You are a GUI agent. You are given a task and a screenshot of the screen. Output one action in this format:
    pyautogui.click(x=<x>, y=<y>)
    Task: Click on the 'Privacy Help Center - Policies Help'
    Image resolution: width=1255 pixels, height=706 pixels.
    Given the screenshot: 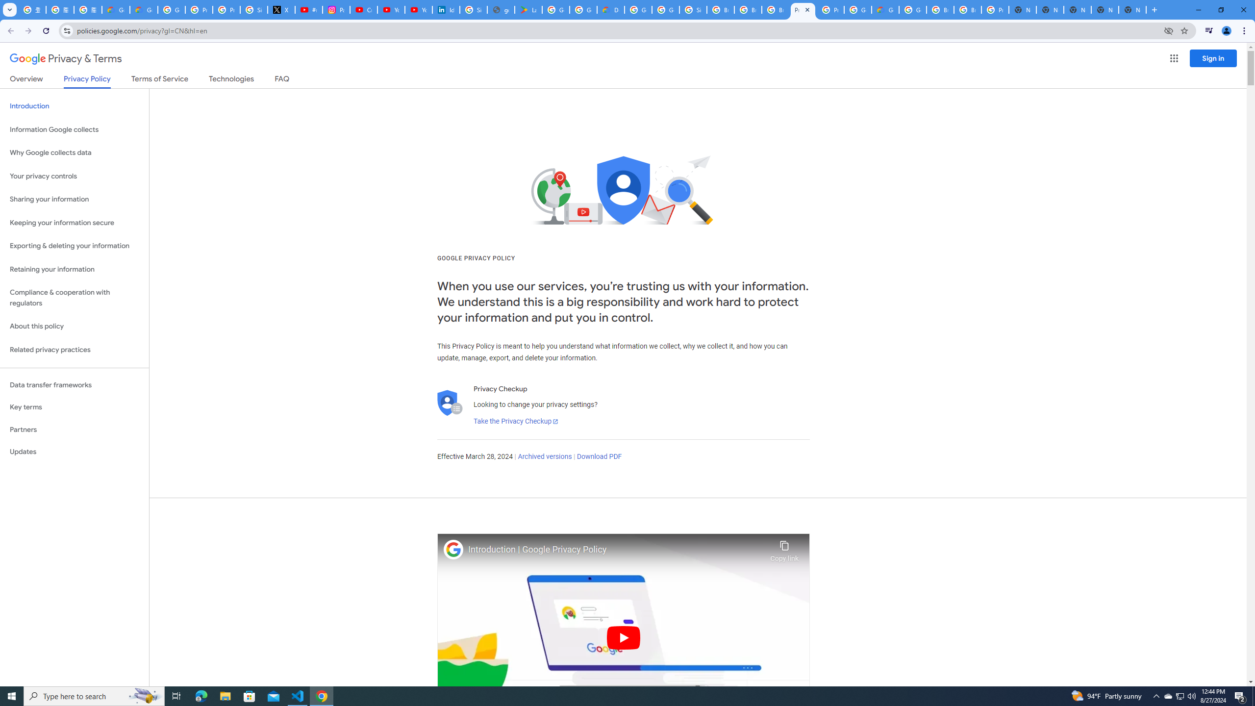 What is the action you would take?
    pyautogui.click(x=226, y=9)
    